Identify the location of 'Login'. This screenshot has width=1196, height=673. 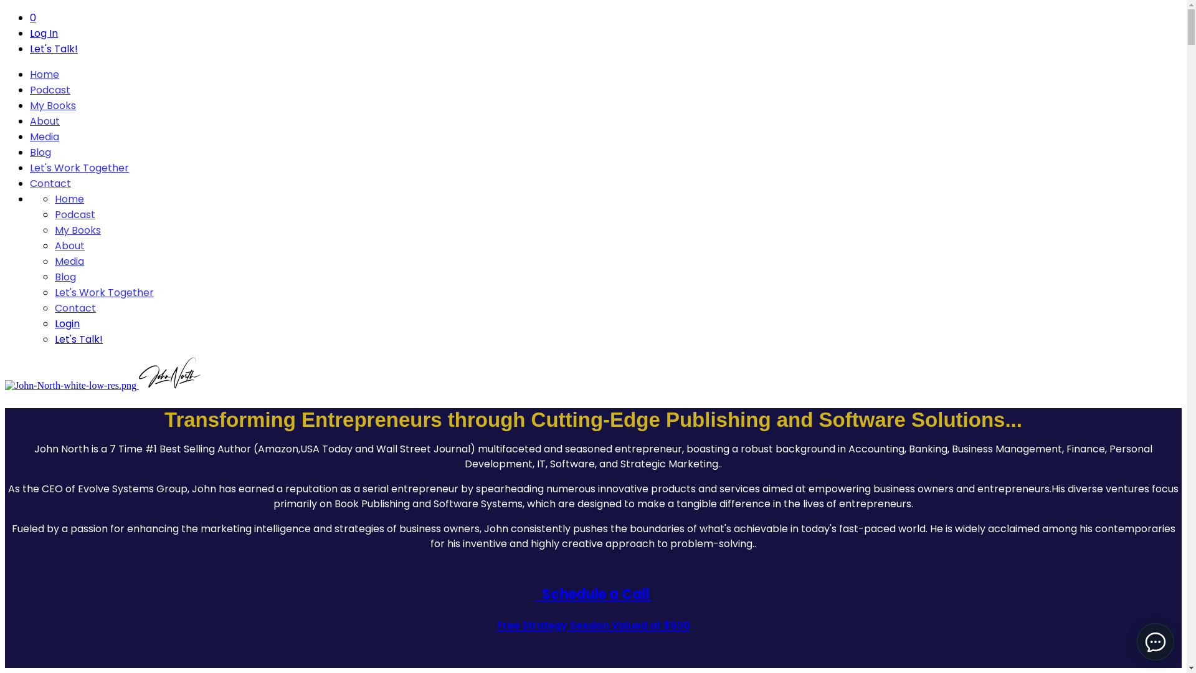
(66, 323).